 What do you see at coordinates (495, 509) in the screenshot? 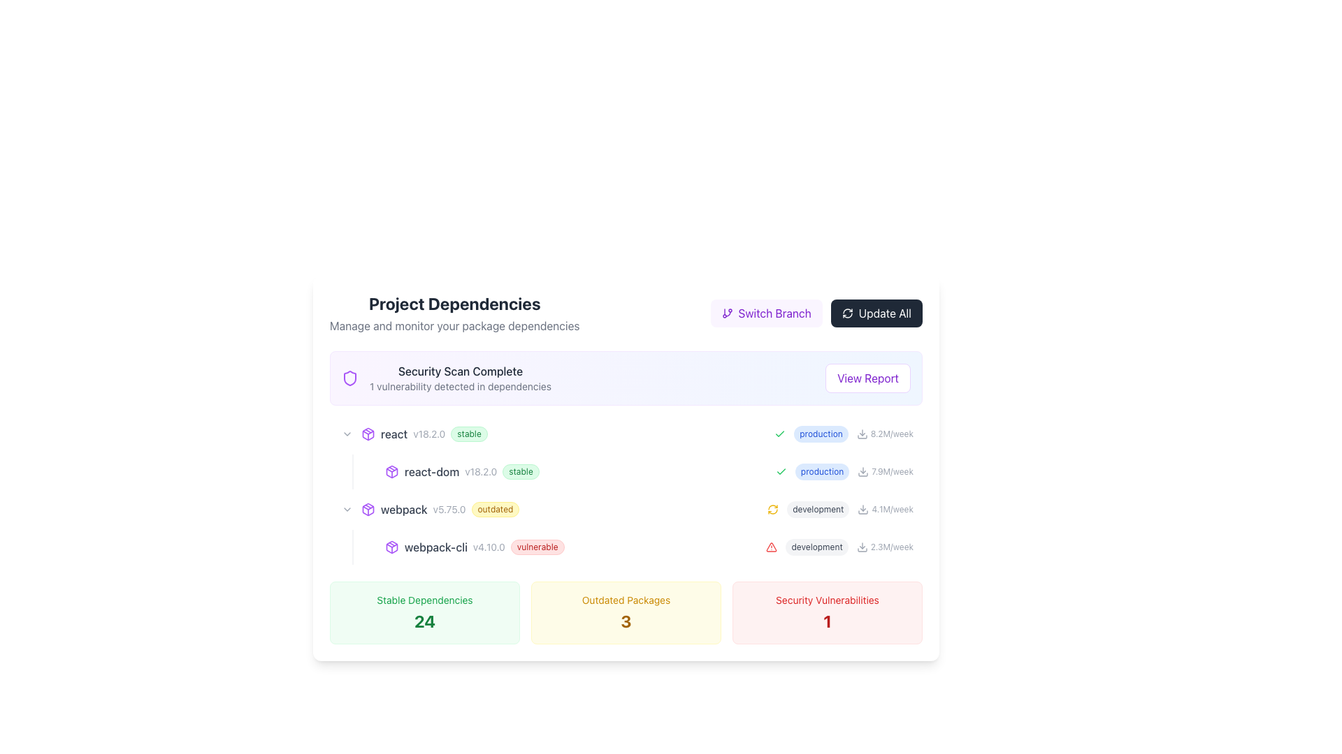
I see `the Textual badge indicating that 'webpack' is outdated, located to the right of 'v5.75.0' and 'webpack' within the 'Project Dependencies' section under the 'Security Scan Complete' card` at bounding box center [495, 509].